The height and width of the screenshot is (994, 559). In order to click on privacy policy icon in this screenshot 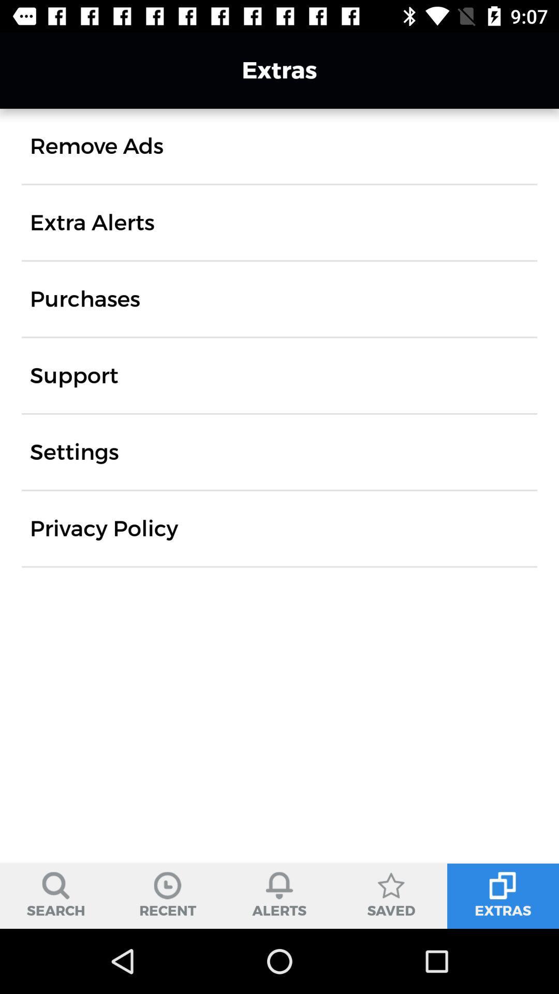, I will do `click(104, 529)`.